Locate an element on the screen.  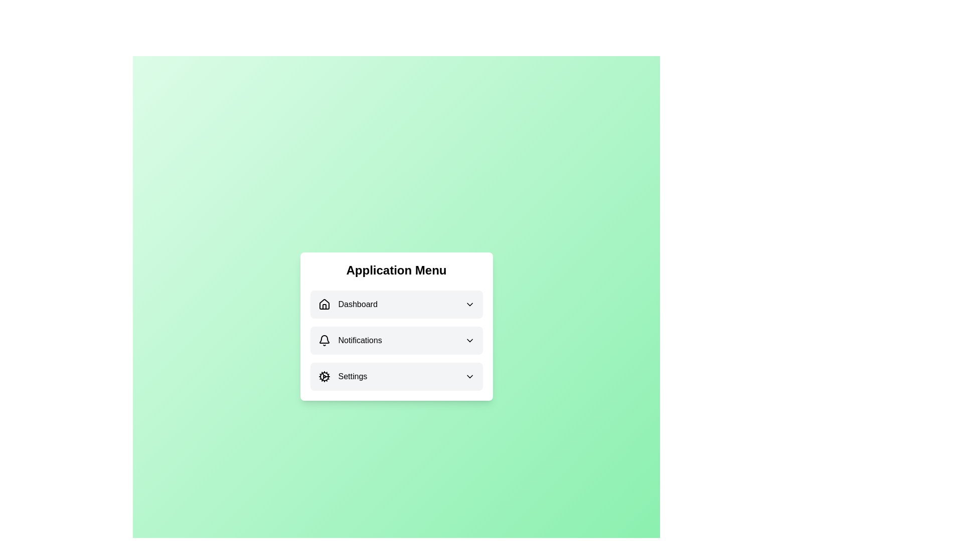
the downward-facing chevron icon located on the right side of the 'Settings' option is located at coordinates (469, 377).